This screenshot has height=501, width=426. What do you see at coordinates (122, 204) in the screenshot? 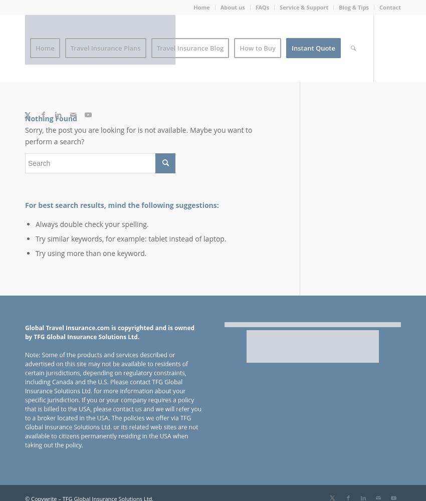
I see `'For best search results, mind the following suggestions:'` at bounding box center [122, 204].